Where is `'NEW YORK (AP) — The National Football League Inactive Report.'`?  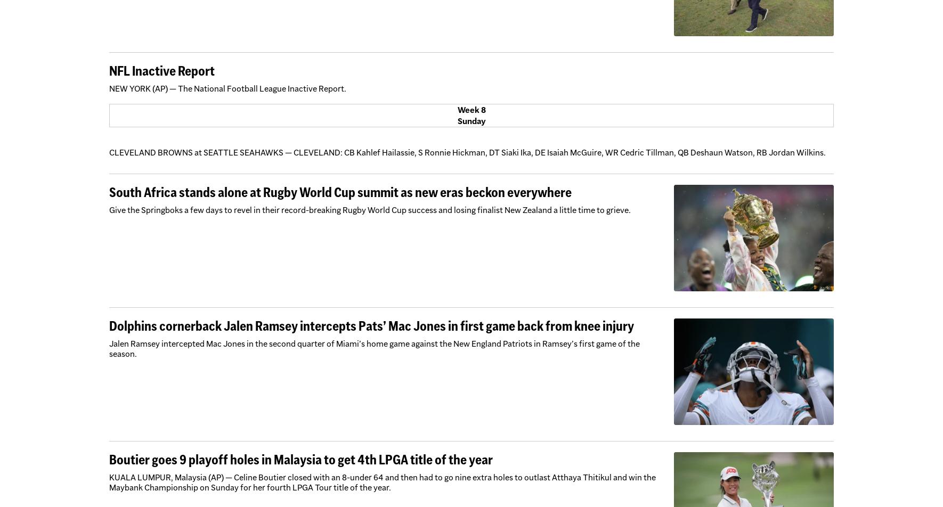 'NEW YORK (AP) — The National Football League Inactive Report.' is located at coordinates (227, 88).